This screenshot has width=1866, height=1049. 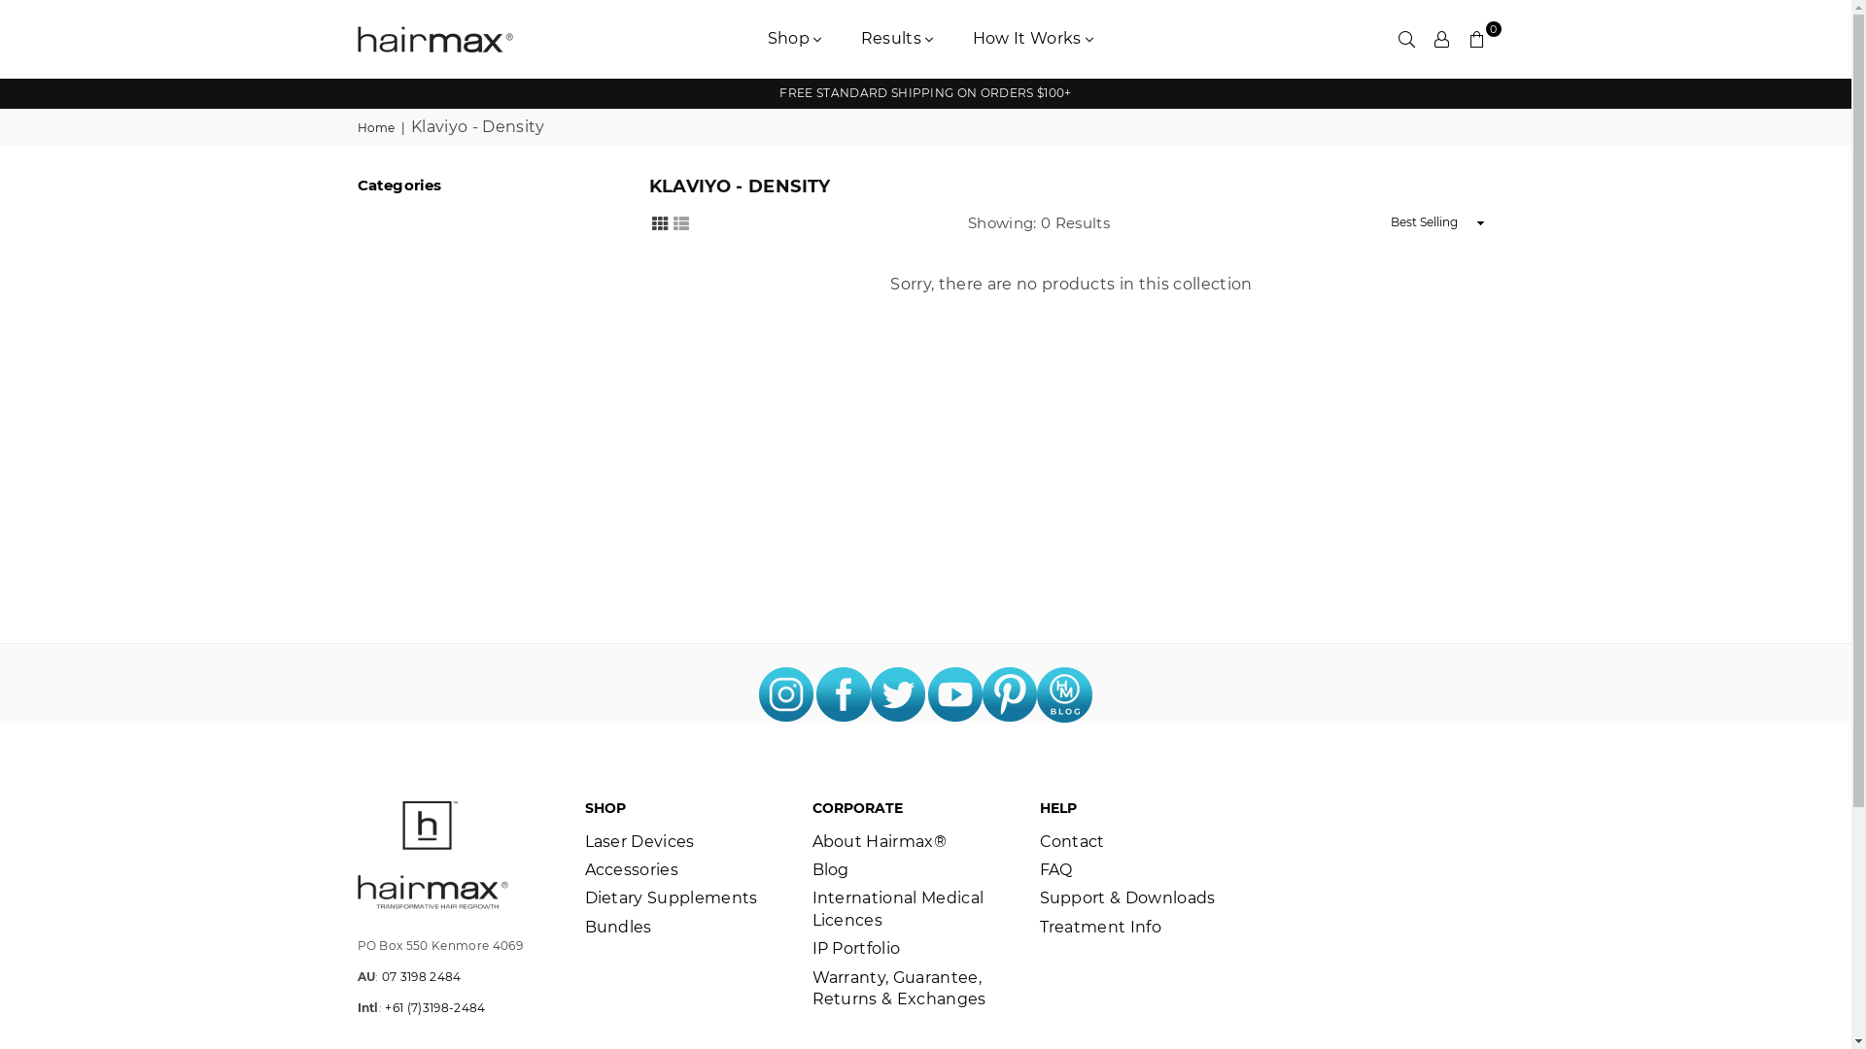 What do you see at coordinates (1407, 38) in the screenshot?
I see `'Search'` at bounding box center [1407, 38].